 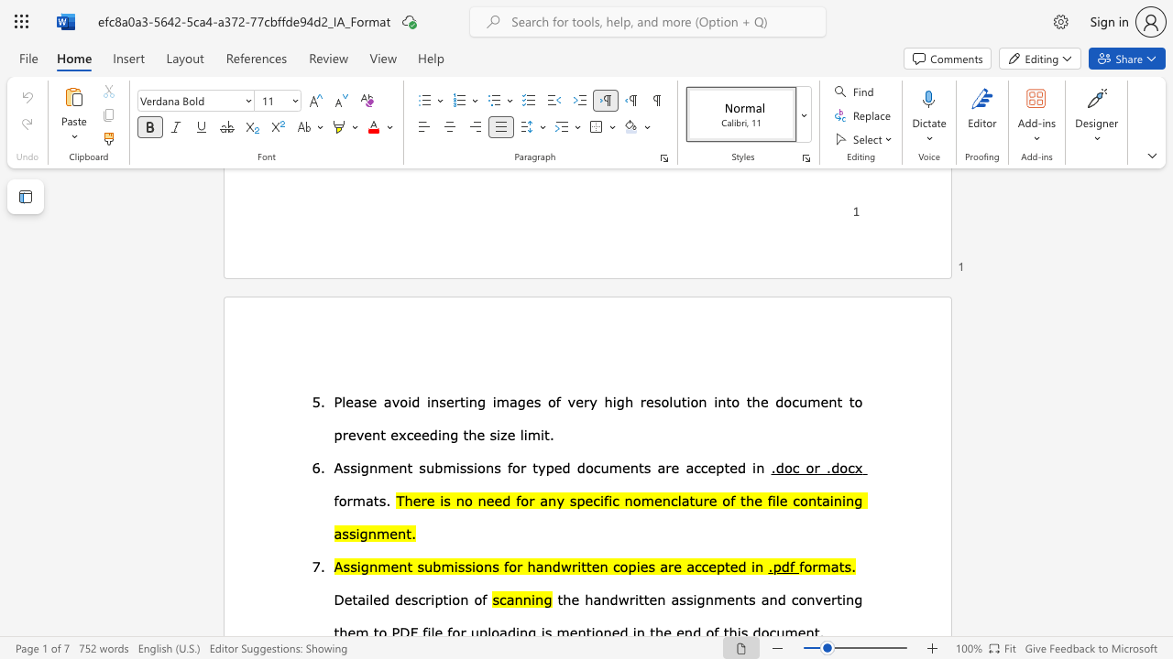 I want to click on the subset text "ed document" within the text "for typed documents", so click(x=553, y=466).